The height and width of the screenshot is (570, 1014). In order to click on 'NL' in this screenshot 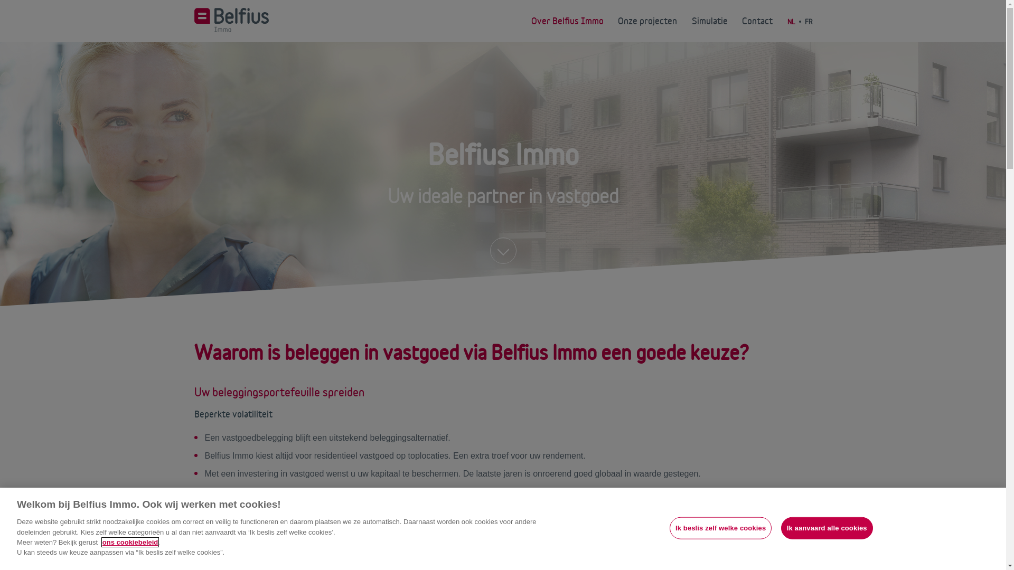, I will do `click(786, 22)`.